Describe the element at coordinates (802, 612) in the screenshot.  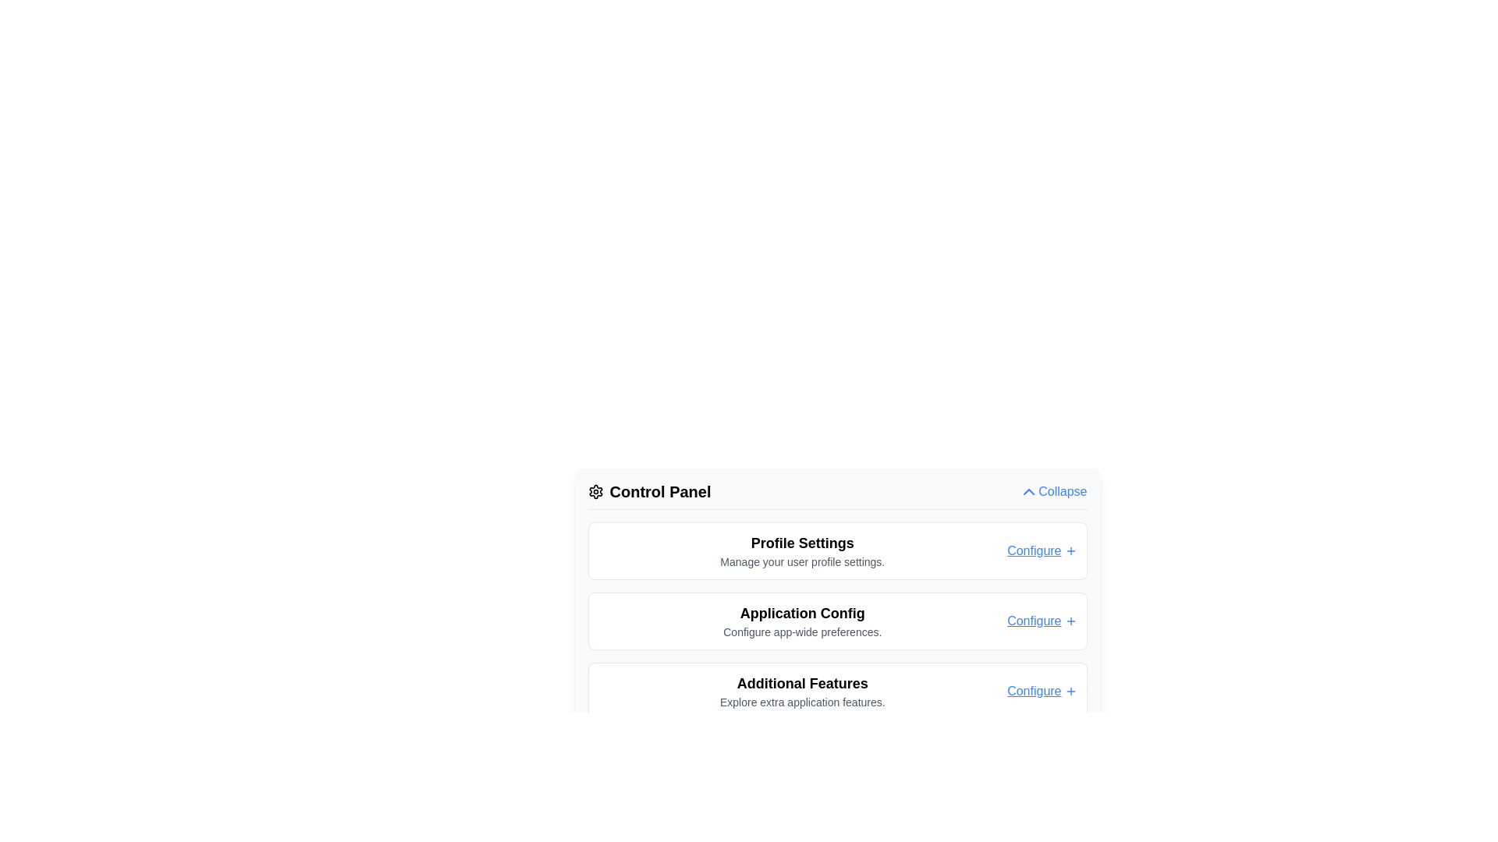
I see `the Static Text element titled 'Application Config'` at that location.